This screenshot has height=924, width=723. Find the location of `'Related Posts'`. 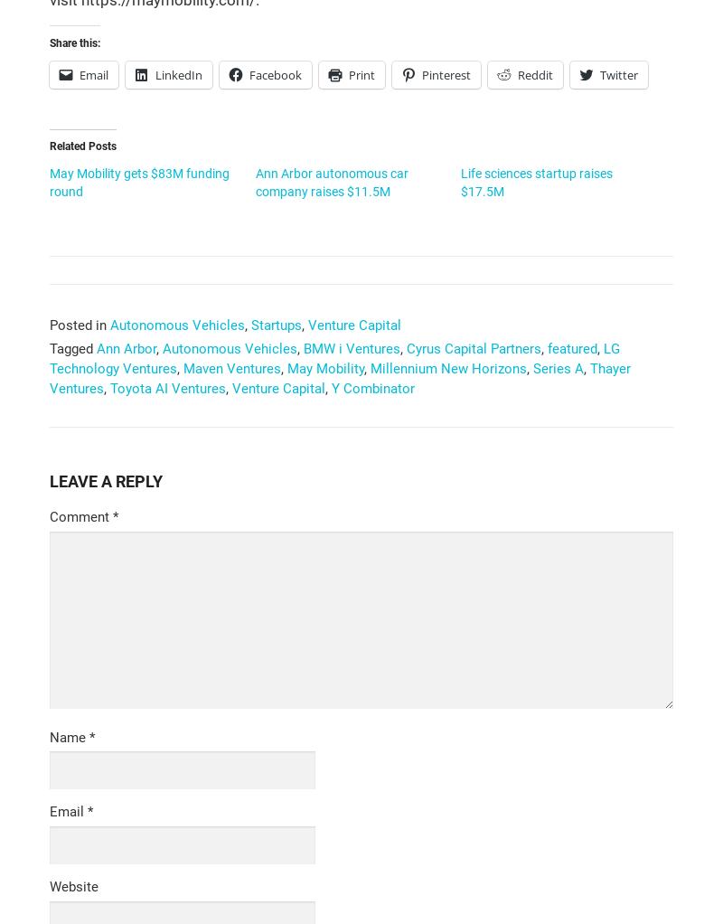

'Related Posts' is located at coordinates (83, 145).